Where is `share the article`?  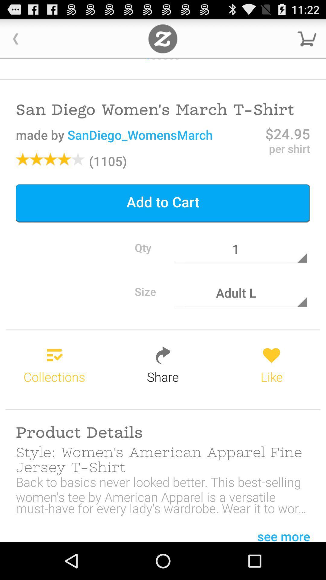 share the article is located at coordinates (162, 38).